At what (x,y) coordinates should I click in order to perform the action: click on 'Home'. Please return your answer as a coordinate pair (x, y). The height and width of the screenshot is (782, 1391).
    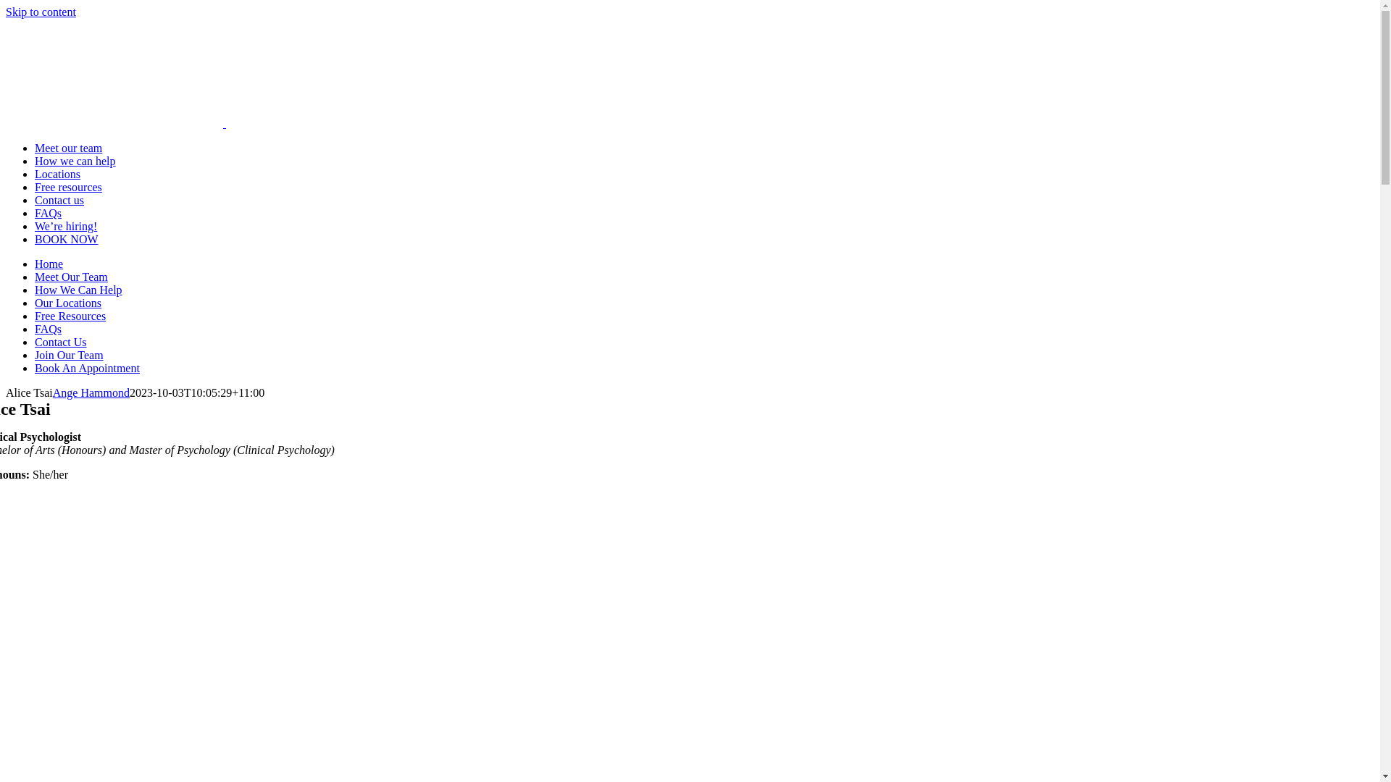
    Looking at the image, I should click on (49, 264).